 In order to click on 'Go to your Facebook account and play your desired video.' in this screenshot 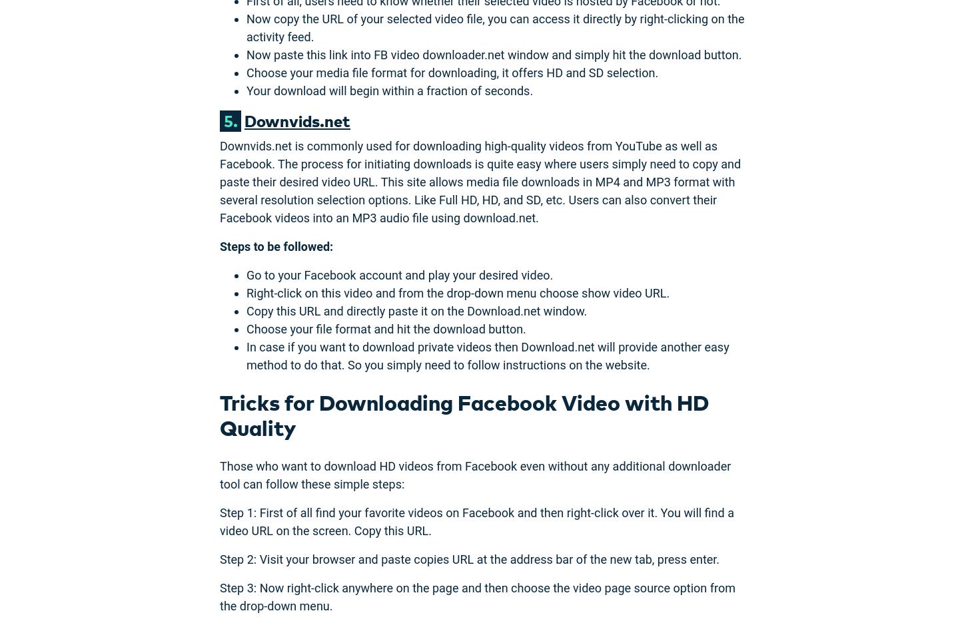, I will do `click(400, 274)`.